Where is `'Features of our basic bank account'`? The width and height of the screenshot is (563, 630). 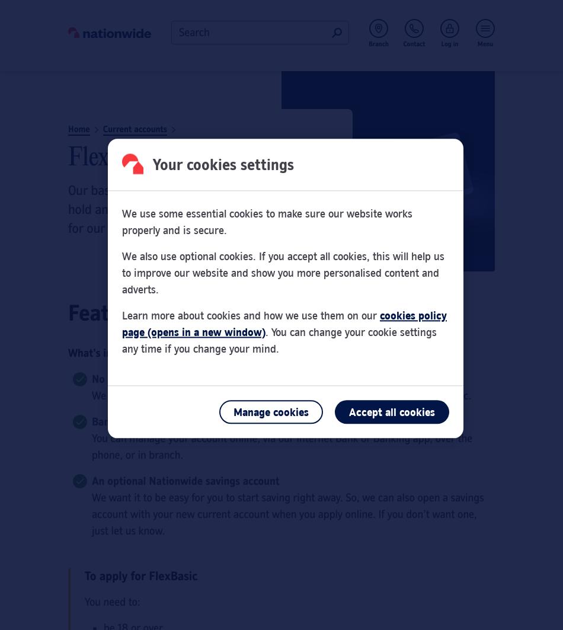 'Features of our basic bank account' is located at coordinates (229, 312).